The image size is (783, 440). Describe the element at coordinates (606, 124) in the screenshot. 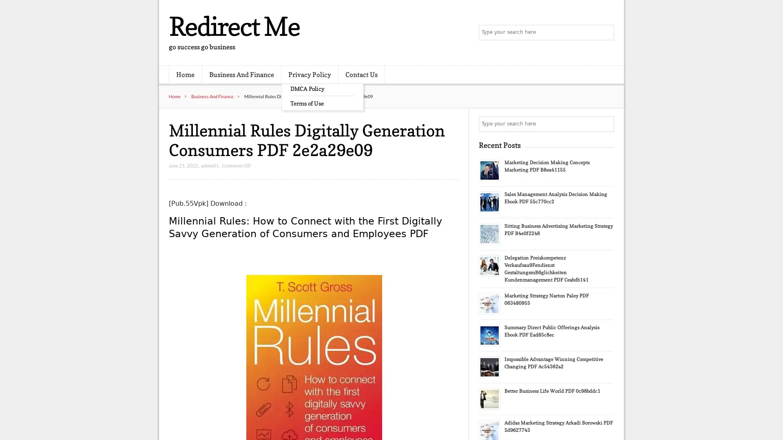

I see `Search` at that location.